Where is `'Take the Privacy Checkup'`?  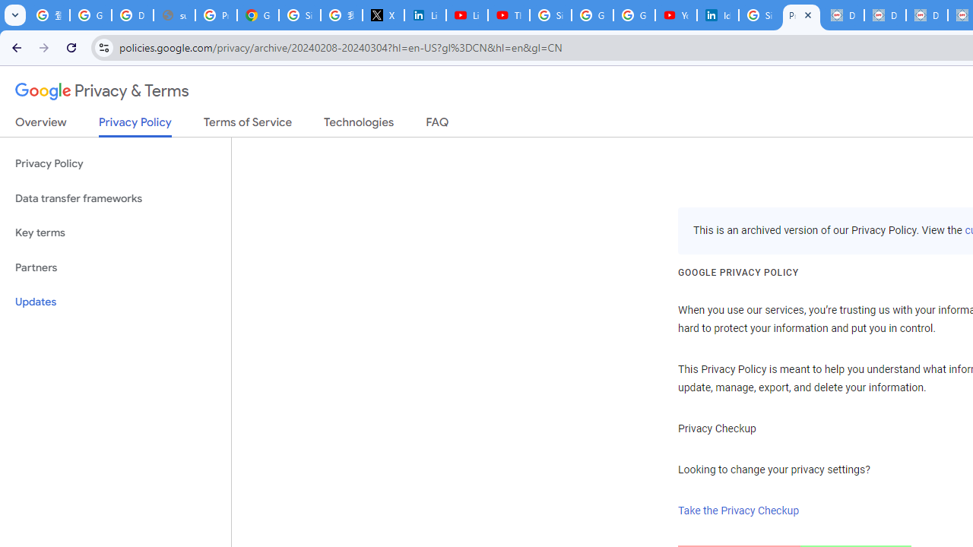
'Take the Privacy Checkup' is located at coordinates (739, 511).